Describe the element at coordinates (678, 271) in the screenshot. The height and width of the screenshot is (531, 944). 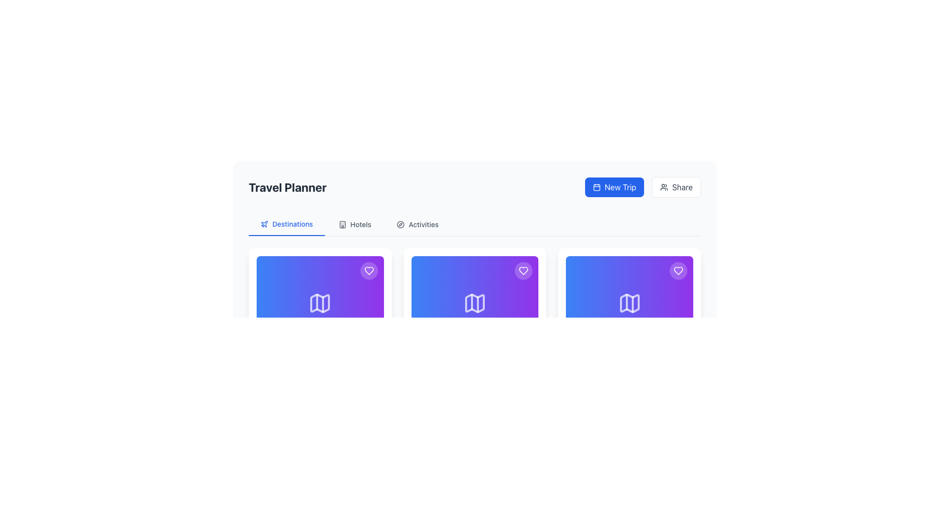
I see `the interactive button for liking or favoriting the card located in the top-right corner of the third card in the series to trigger visual feedback` at that location.